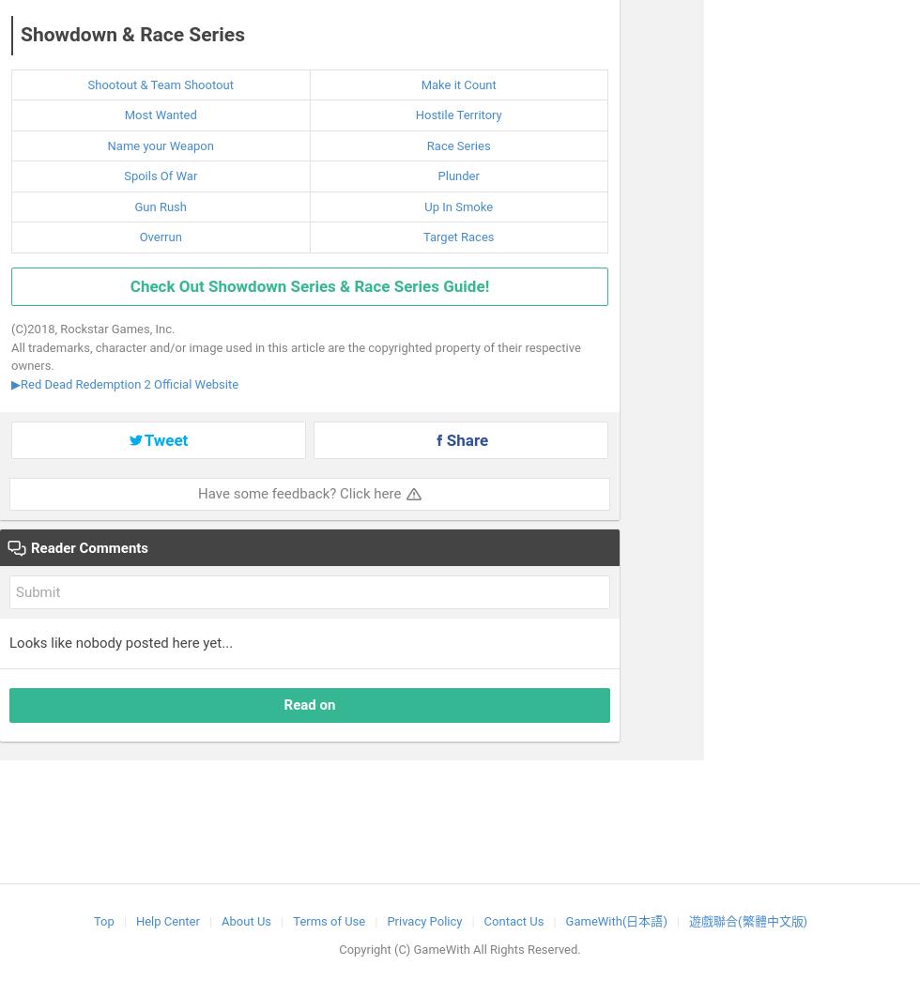  I want to click on 'Copyright (C)', so click(376, 947).